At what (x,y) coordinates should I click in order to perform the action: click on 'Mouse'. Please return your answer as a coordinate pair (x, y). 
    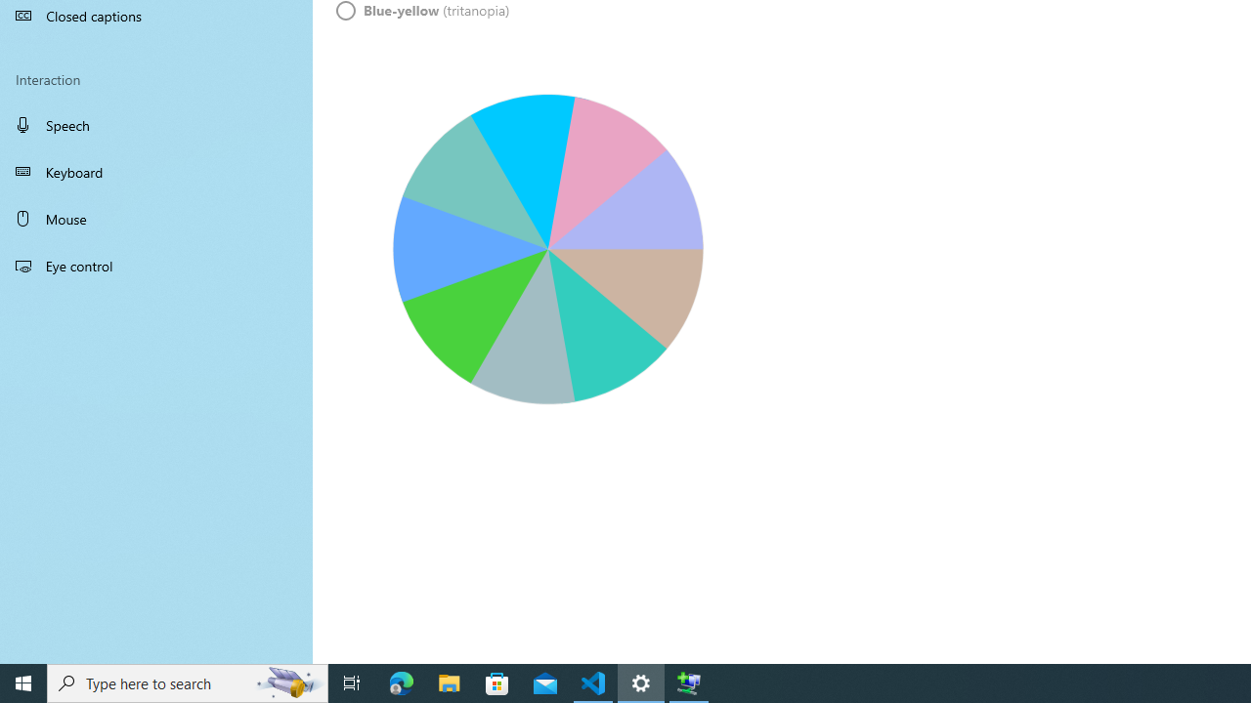
    Looking at the image, I should click on (156, 218).